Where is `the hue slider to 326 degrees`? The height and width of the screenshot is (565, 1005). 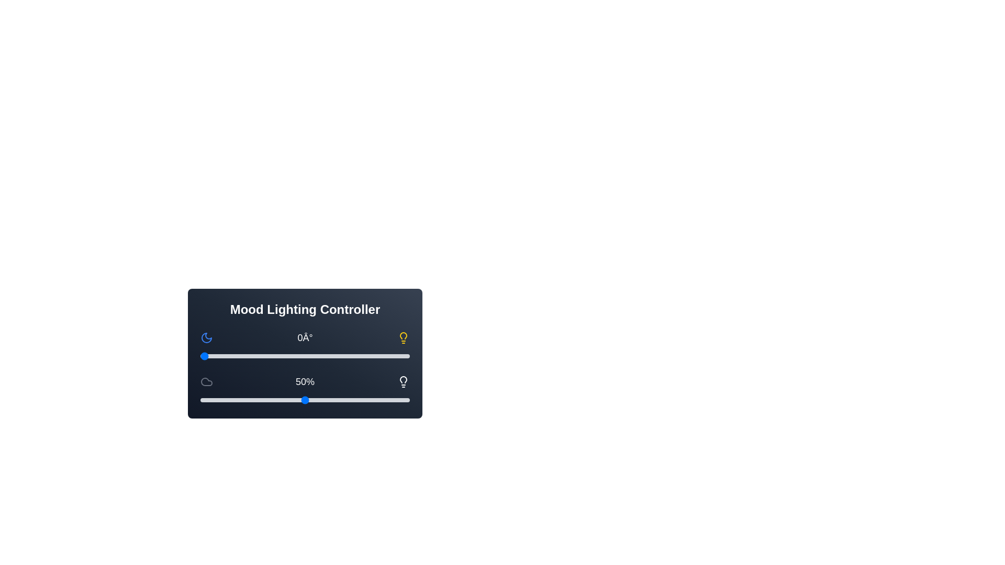
the hue slider to 326 degrees is located at coordinates (389, 356).